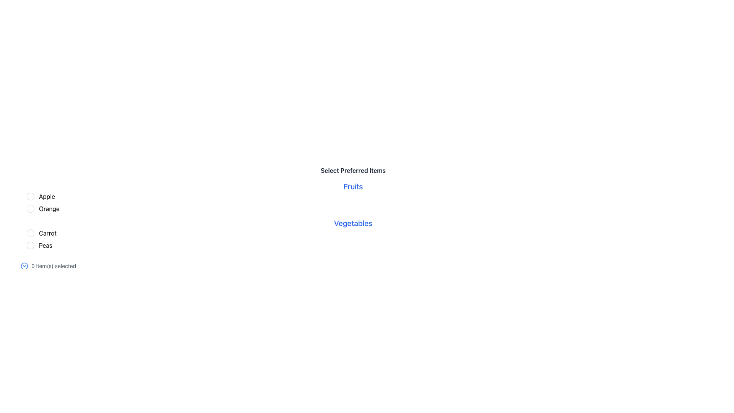 The width and height of the screenshot is (734, 413). I want to click on the text label representing the first option in the selection list, so click(46, 196).